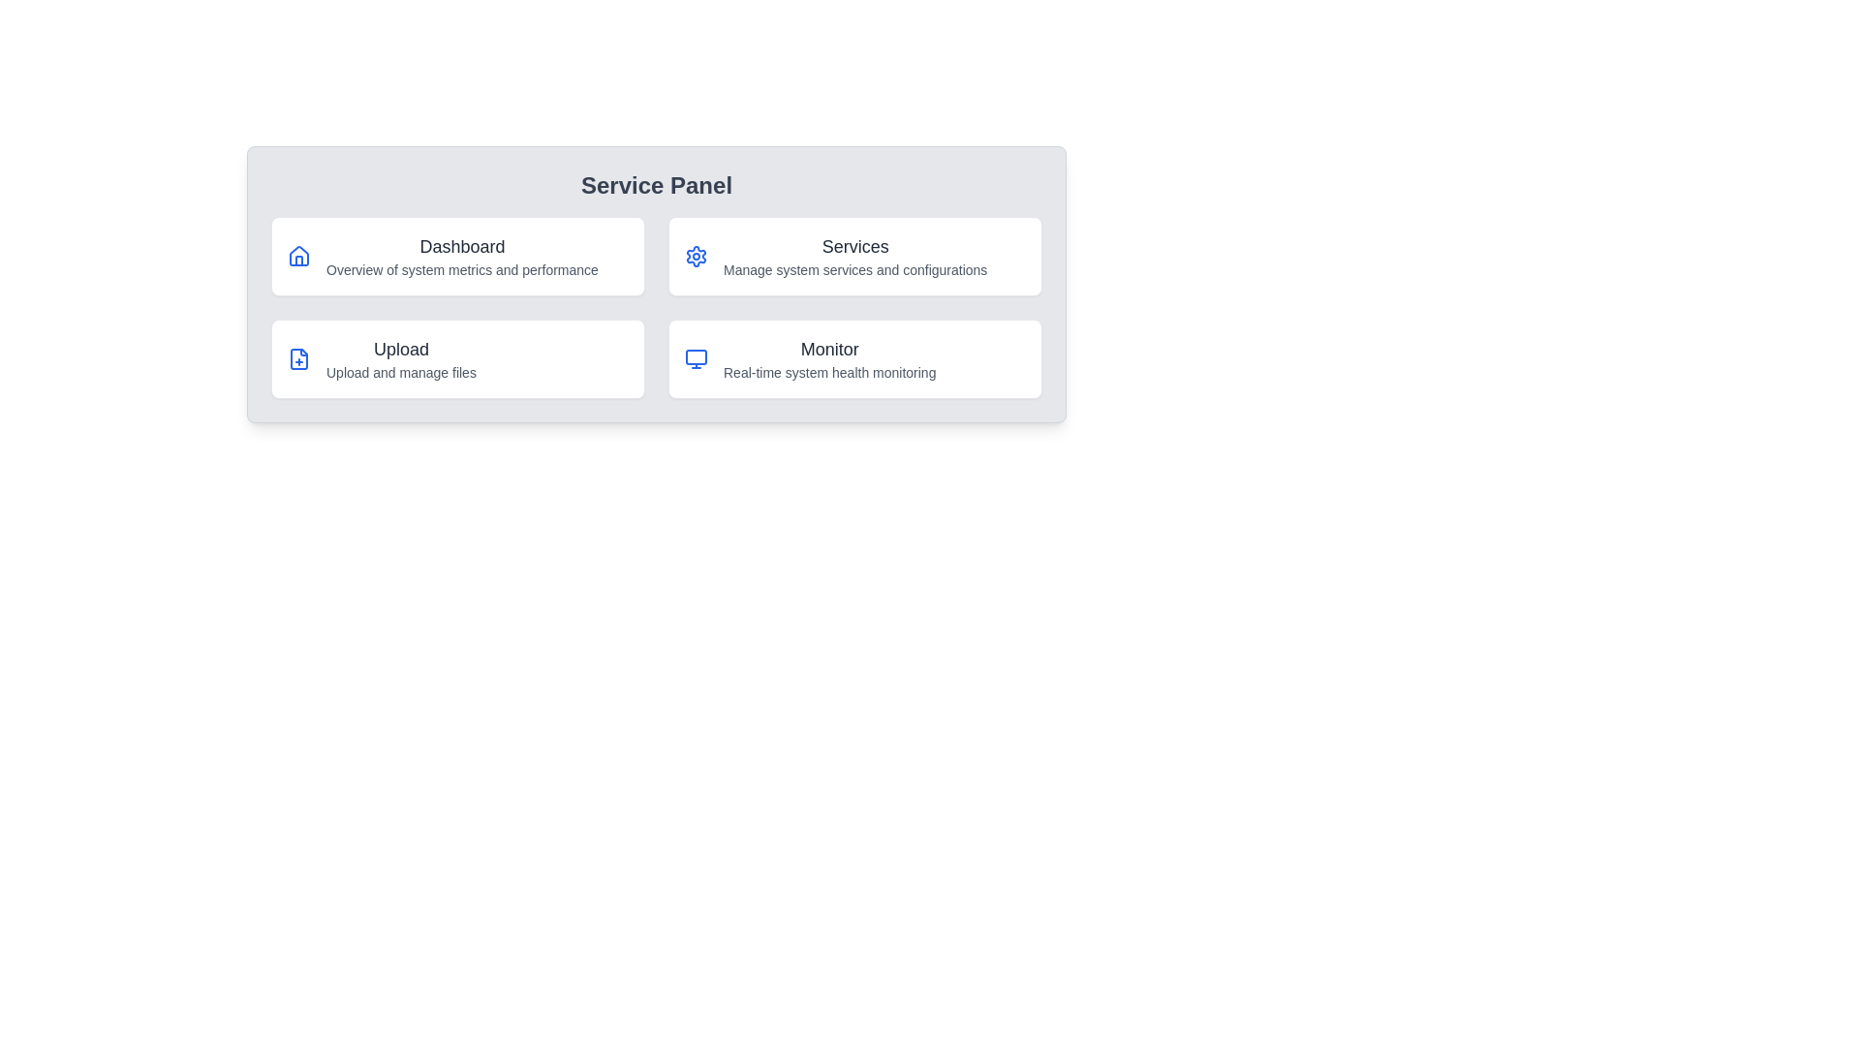  Describe the element at coordinates (697, 256) in the screenshot. I see `the blue cogwheel-shaped icon in the upper right section of the 'Services' panel` at that location.